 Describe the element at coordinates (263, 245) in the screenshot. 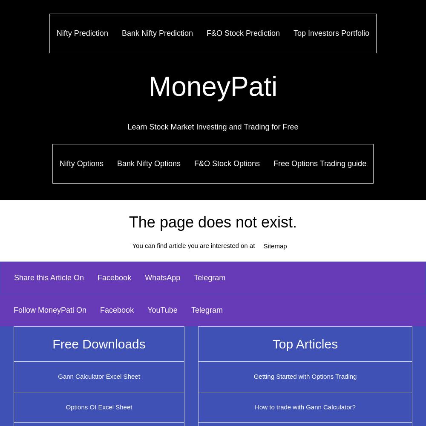

I see `'Sitemap'` at that location.